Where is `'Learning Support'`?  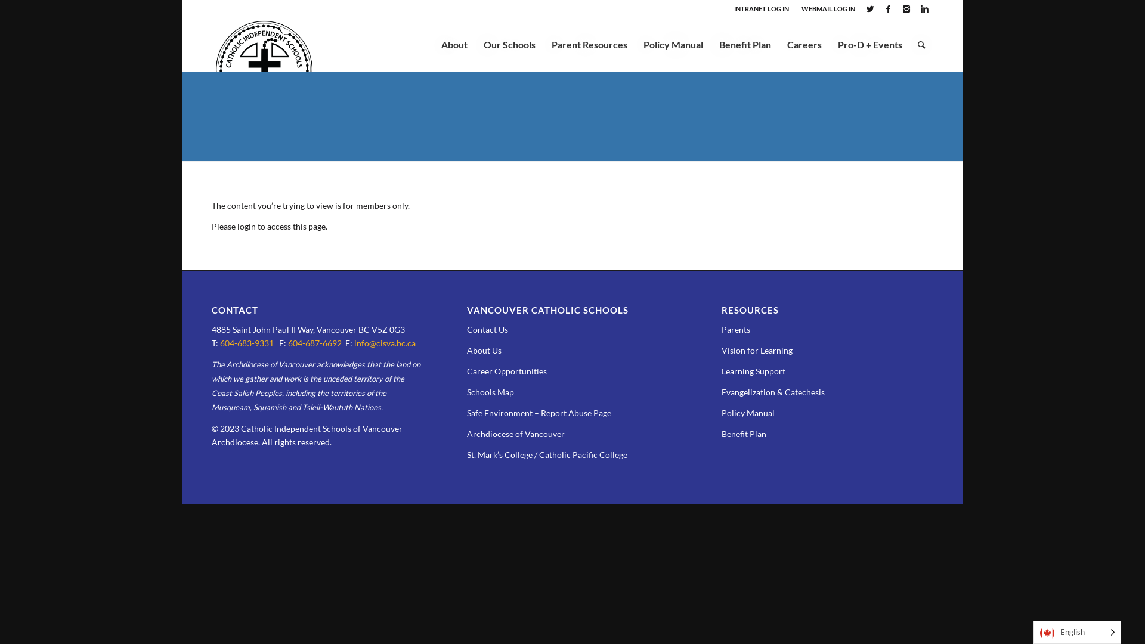 'Learning Support' is located at coordinates (753, 370).